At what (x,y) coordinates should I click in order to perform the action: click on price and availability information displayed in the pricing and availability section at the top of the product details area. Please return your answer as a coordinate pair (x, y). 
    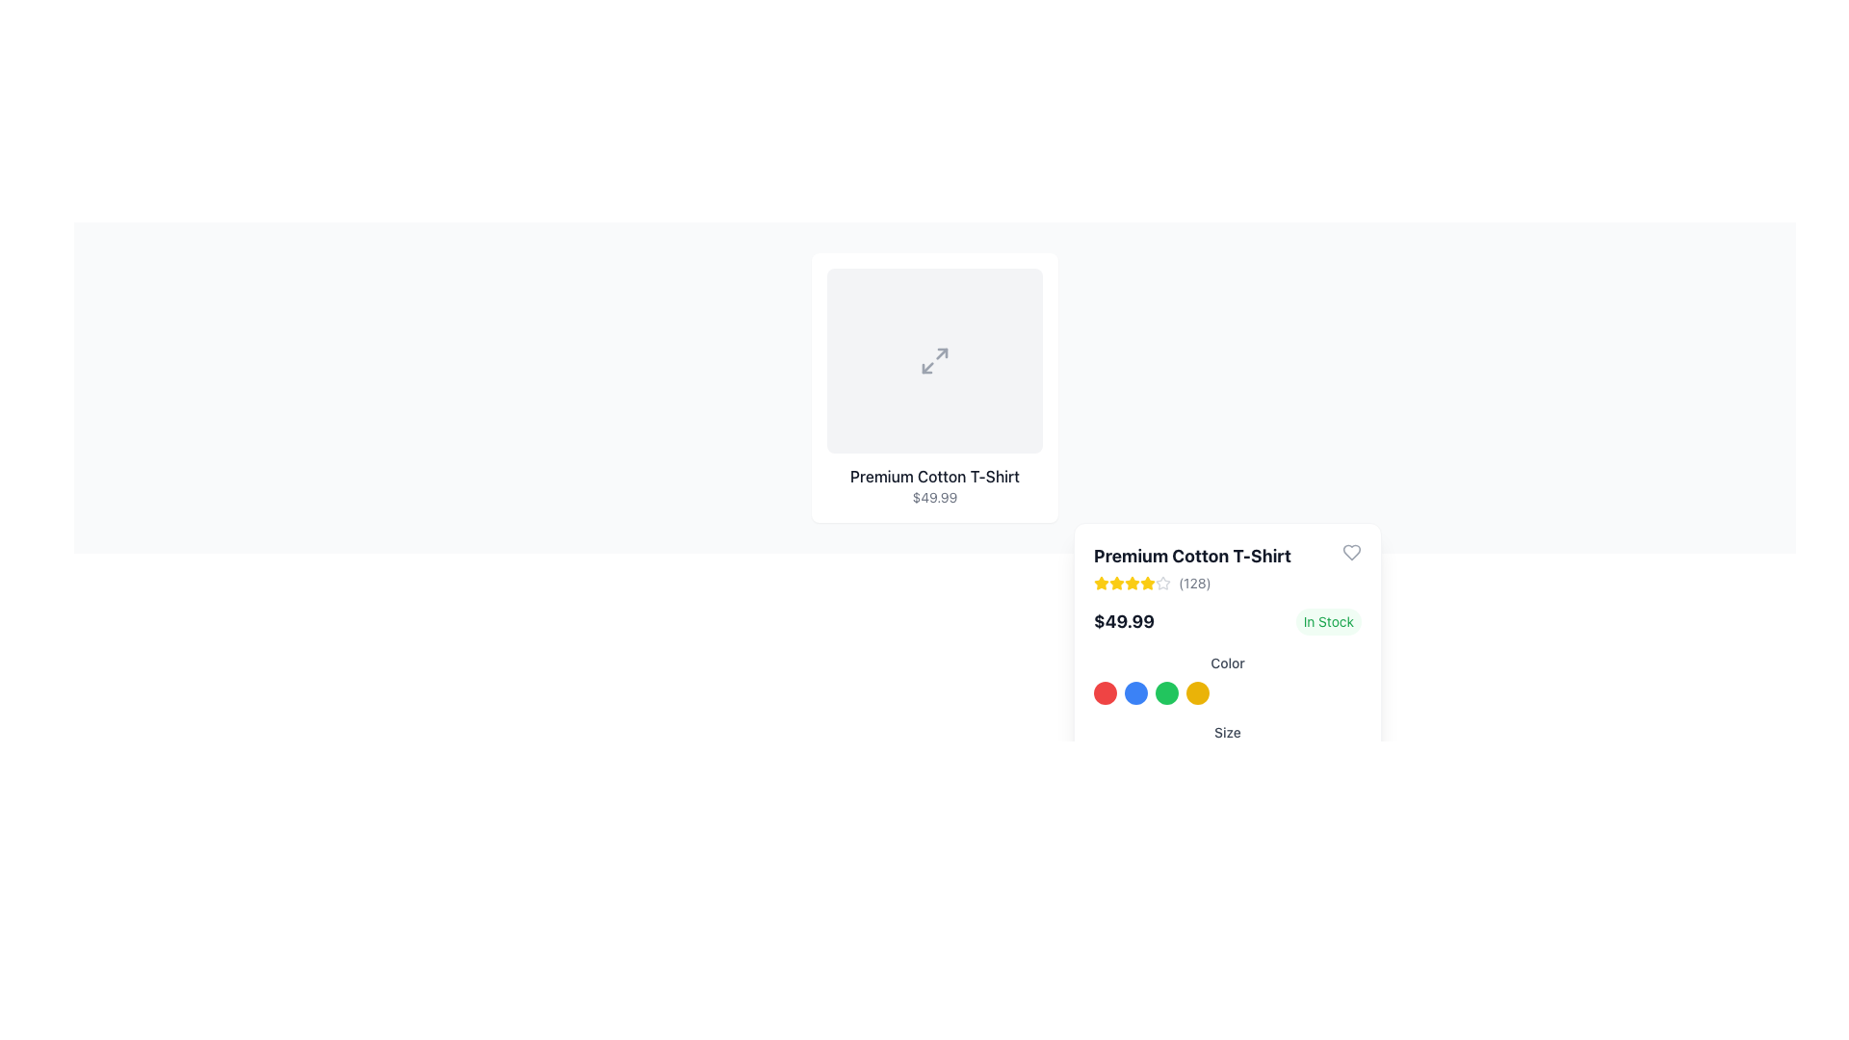
    Looking at the image, I should click on (1227, 621).